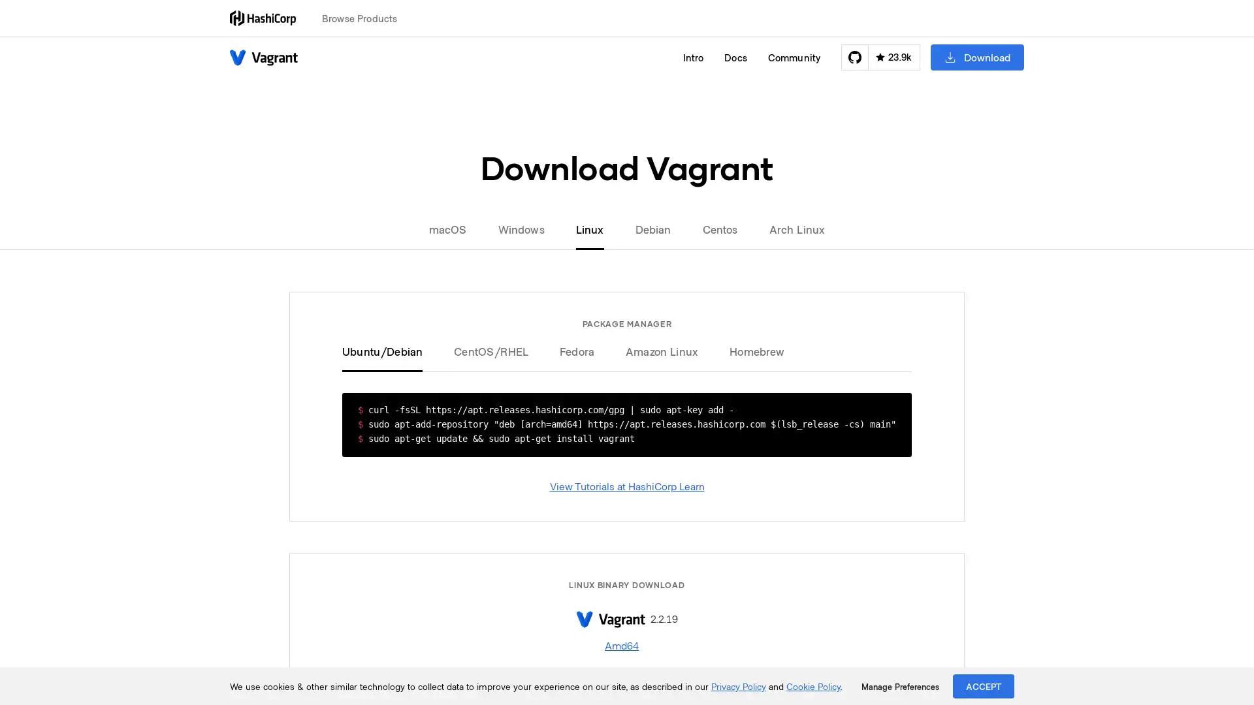 This screenshot has width=1254, height=705. What do you see at coordinates (652, 228) in the screenshot?
I see `Debian` at bounding box center [652, 228].